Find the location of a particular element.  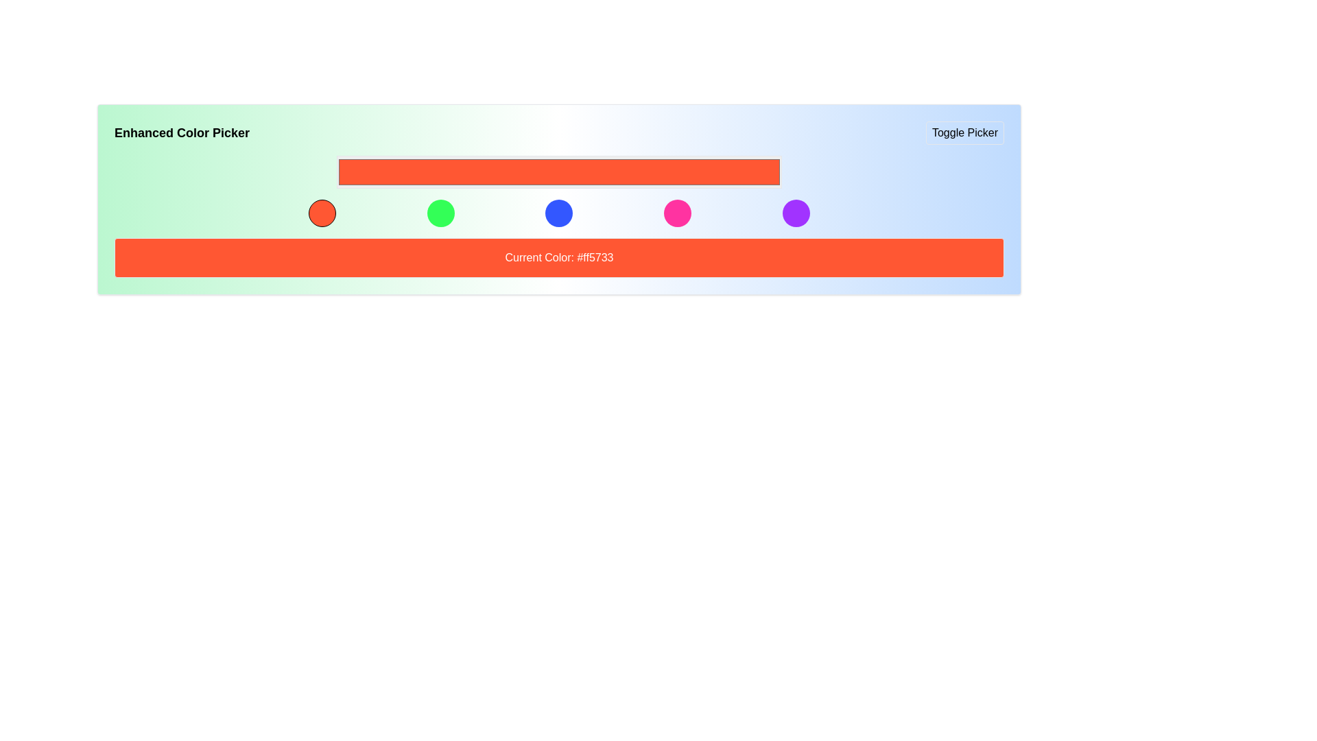

the Color Picker Input, which is a rectangular box with an orange fill located above five circular color indicators is located at coordinates (559, 171).